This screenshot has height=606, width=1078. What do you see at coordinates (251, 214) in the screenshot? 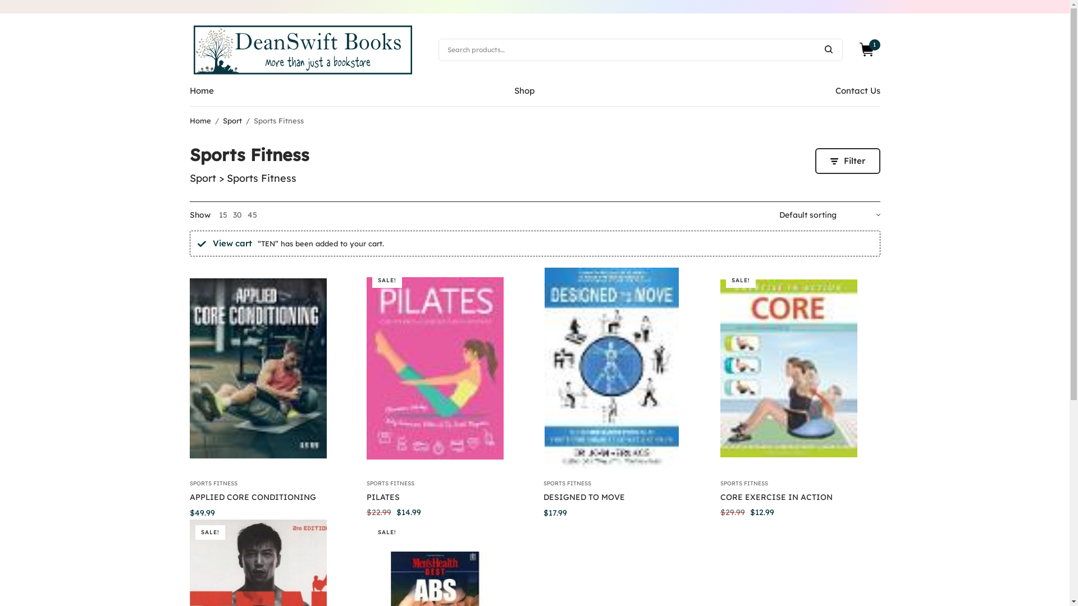
I see `'45'` at bounding box center [251, 214].